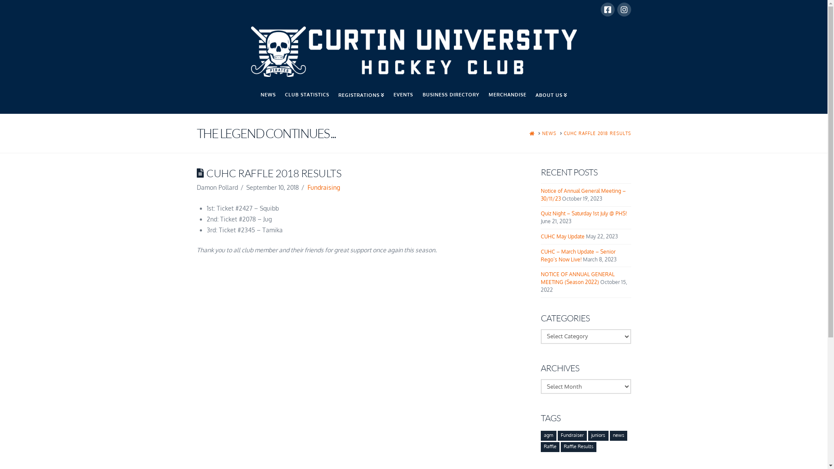  Describe the element at coordinates (563, 236) in the screenshot. I see `'CUHC May Update'` at that location.